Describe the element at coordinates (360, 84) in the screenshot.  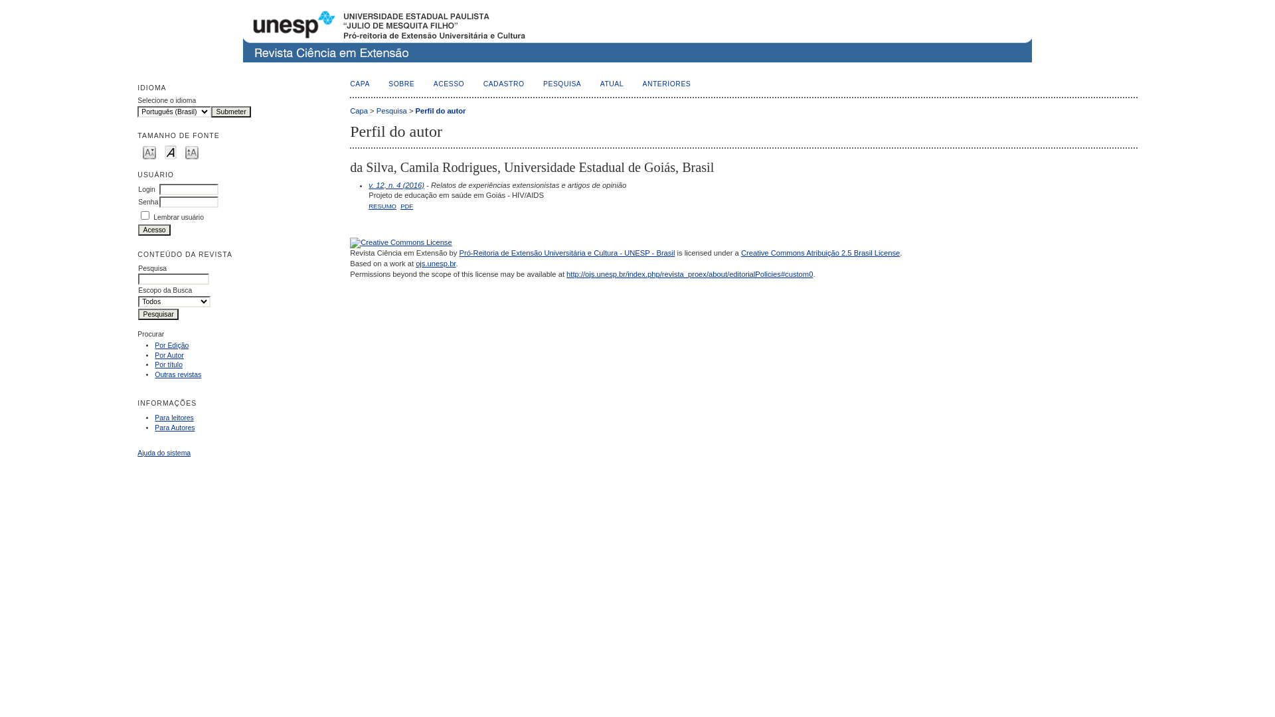
I see `'CAPA'` at that location.